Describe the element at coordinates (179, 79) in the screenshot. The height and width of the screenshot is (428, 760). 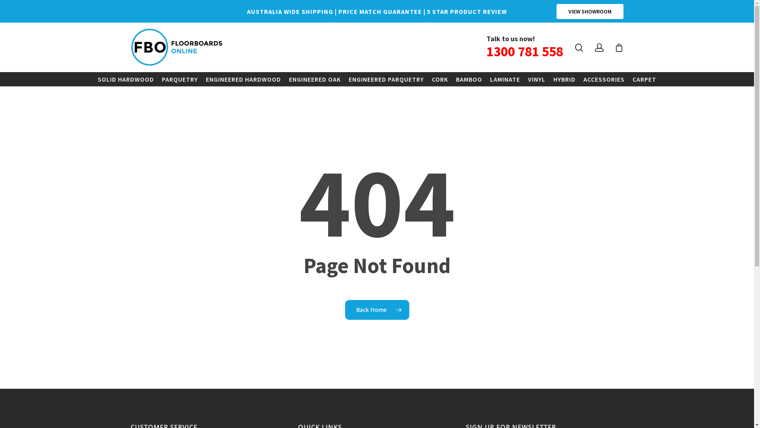
I see `'PARQUETRY'` at that location.